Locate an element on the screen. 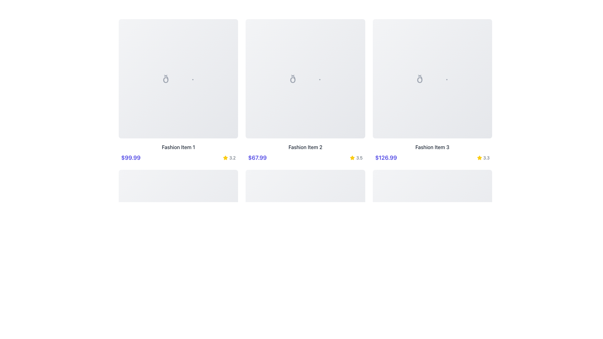 The image size is (603, 339). the price label displaying the price for 'Fashion Item 3', which is located at the bottom of the third column in a horizontal layout of items is located at coordinates (386, 158).